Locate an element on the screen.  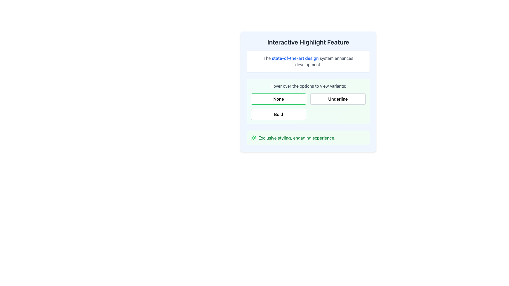
the informative text that highlights 'state-of-the-art design' within the sentence located near the top of the interface is located at coordinates (295, 58).